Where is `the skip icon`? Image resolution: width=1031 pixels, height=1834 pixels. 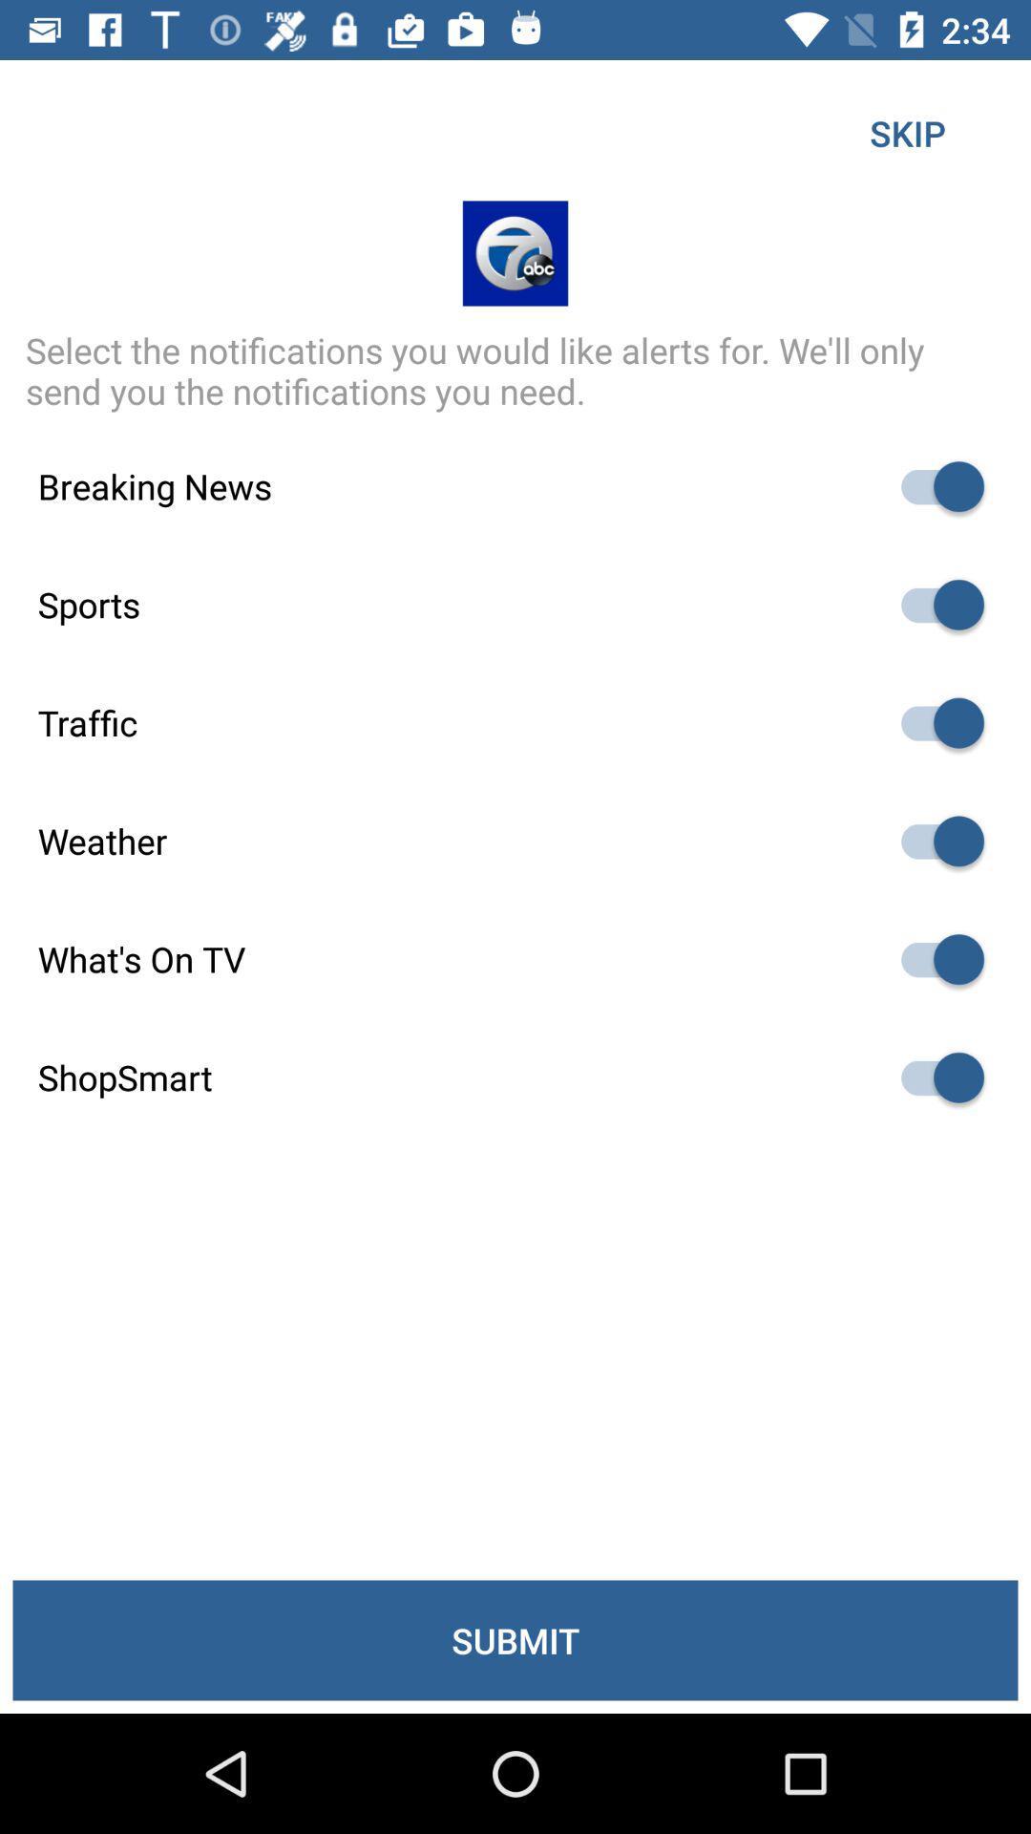
the skip icon is located at coordinates (907, 132).